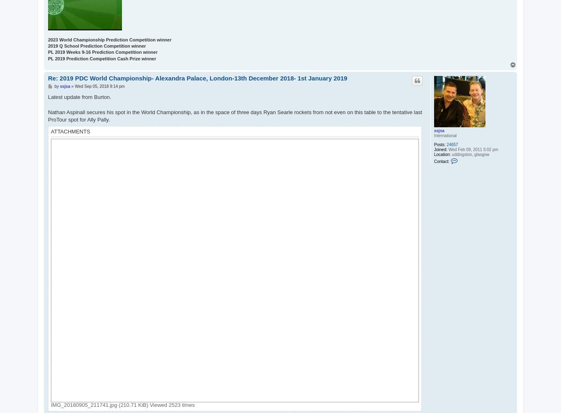 Image resolution: width=561 pixels, height=413 pixels. I want to click on '2019 Q School Prediction Competition winner', so click(97, 46).